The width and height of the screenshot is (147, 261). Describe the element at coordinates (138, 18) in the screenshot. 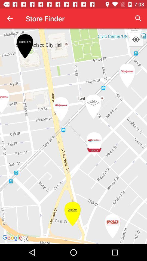

I see `item to the right of store finder item` at that location.